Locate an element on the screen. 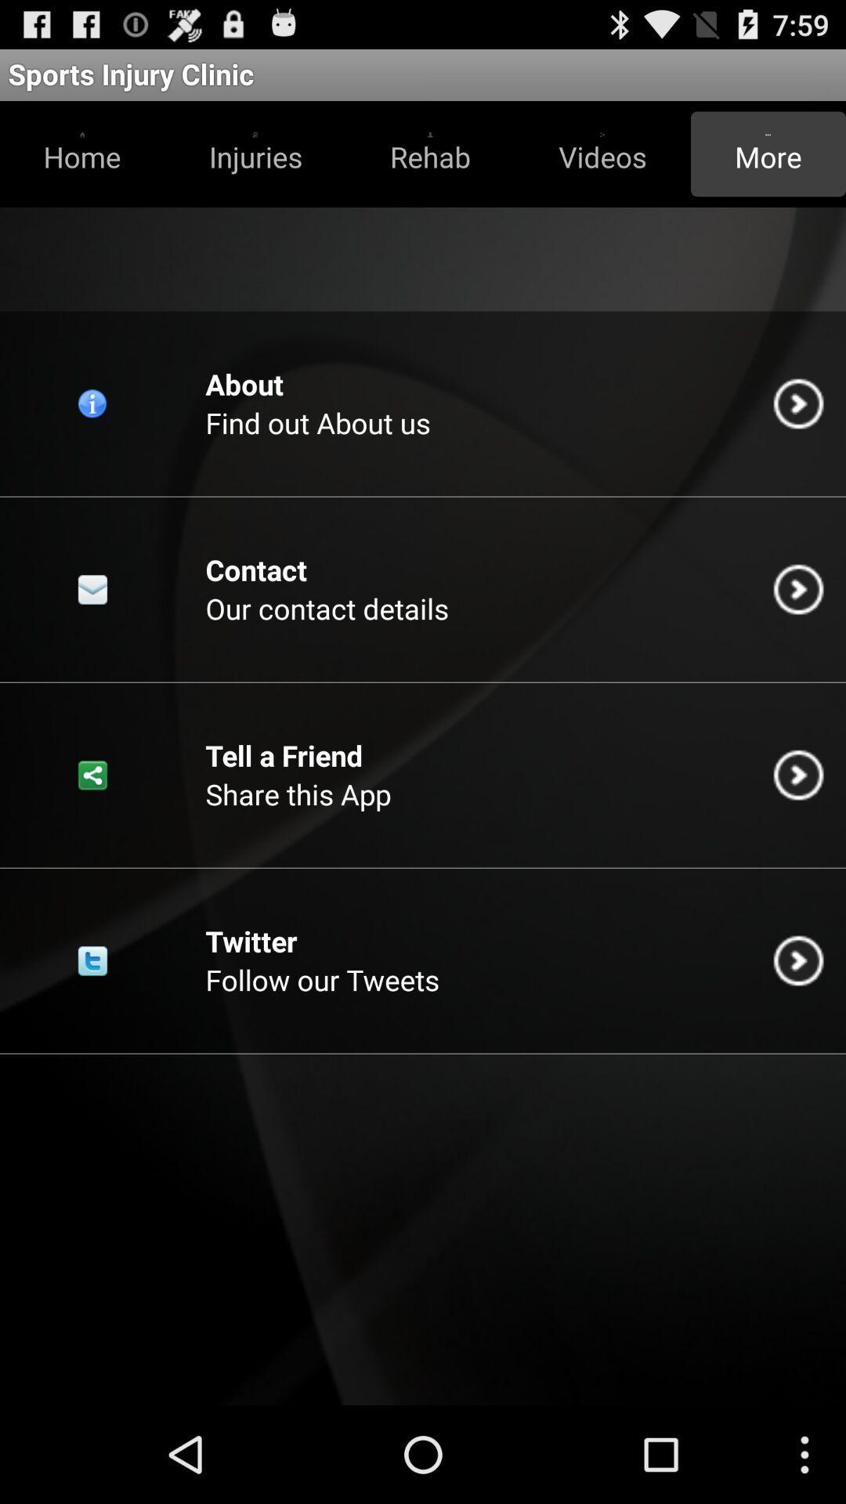 The height and width of the screenshot is (1504, 846). follow our tweets item is located at coordinates (321, 979).